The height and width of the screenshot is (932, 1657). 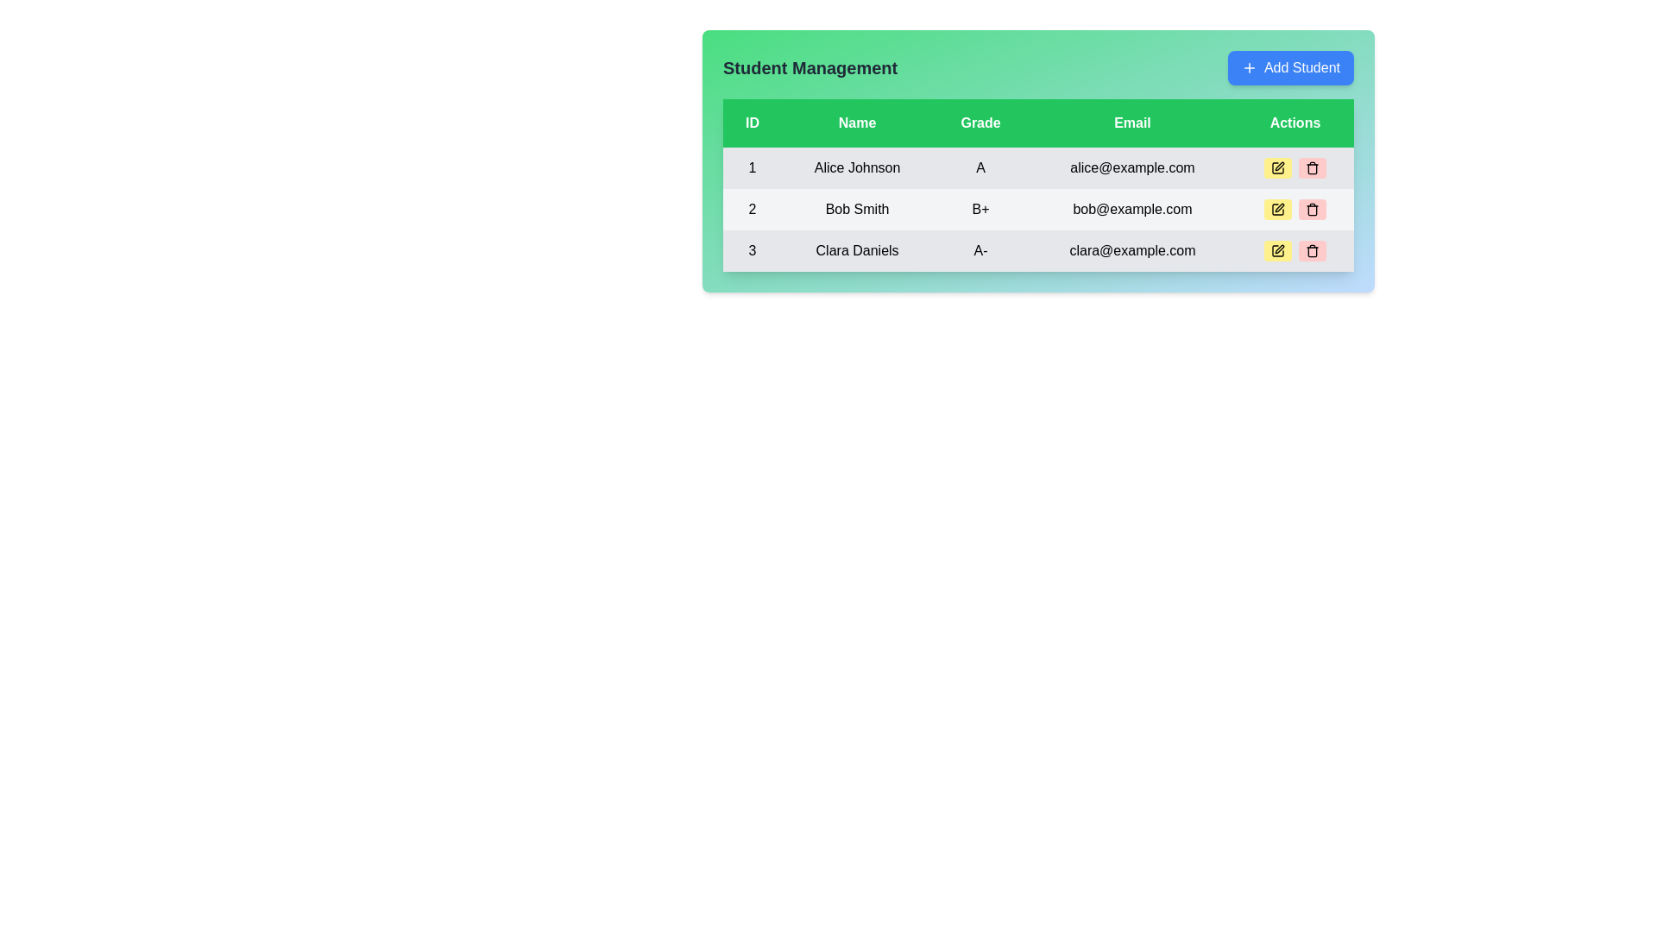 What do you see at coordinates (753, 122) in the screenshot?
I see `the Table Header Label that has a light green background and contains the text 'ID', located at the top-left of the table under 'Student Management'` at bounding box center [753, 122].